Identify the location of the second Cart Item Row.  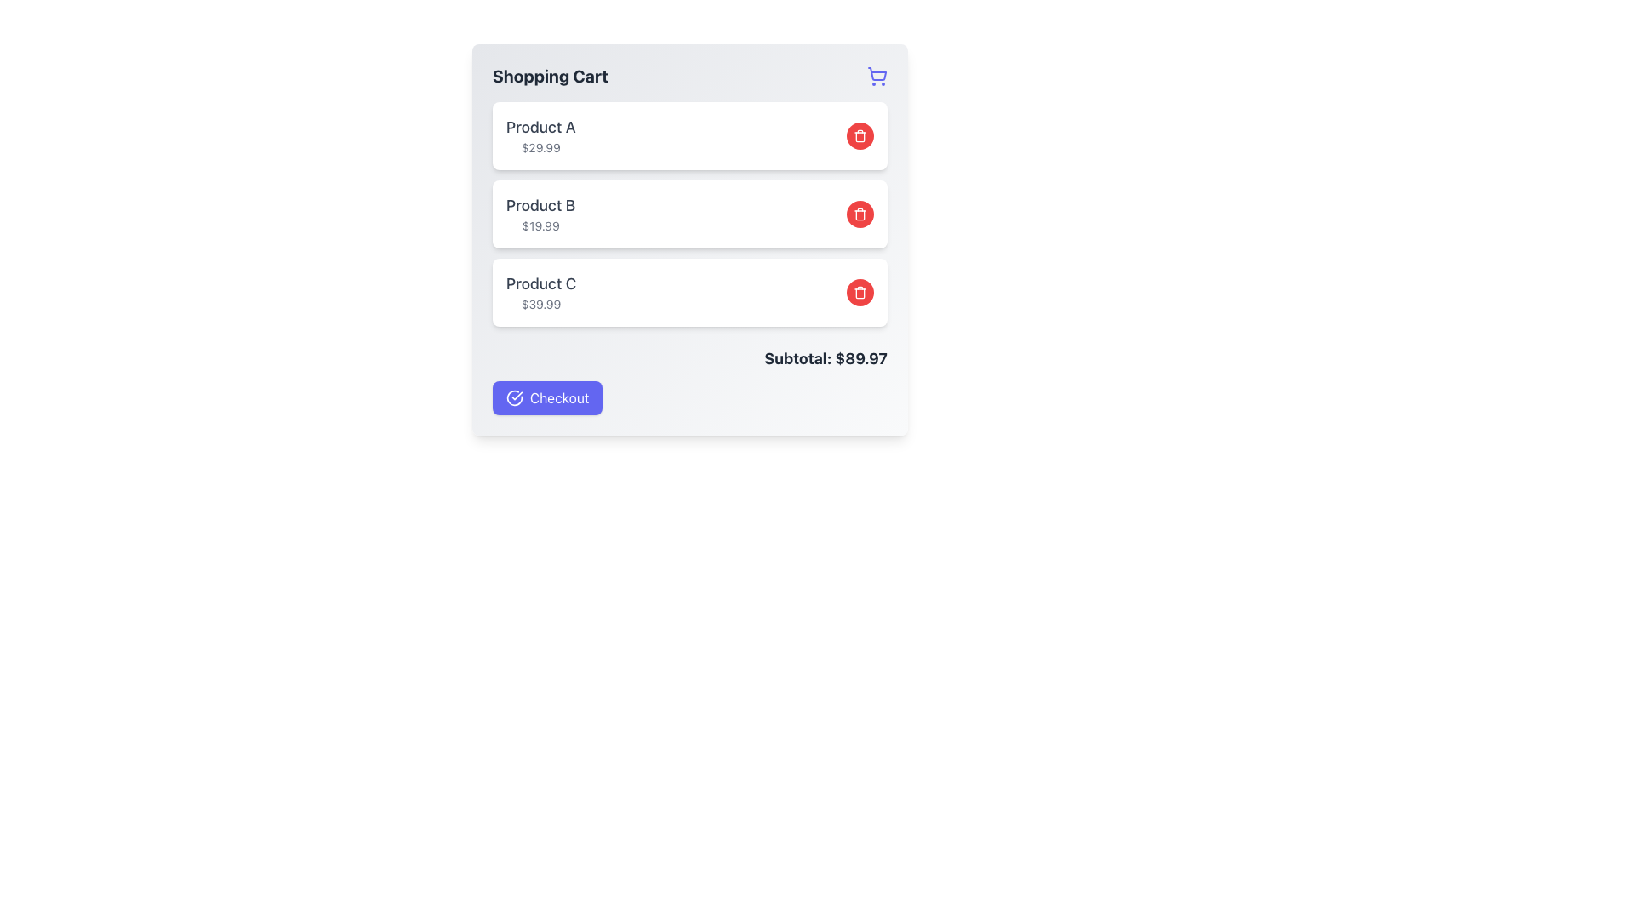
(690, 213).